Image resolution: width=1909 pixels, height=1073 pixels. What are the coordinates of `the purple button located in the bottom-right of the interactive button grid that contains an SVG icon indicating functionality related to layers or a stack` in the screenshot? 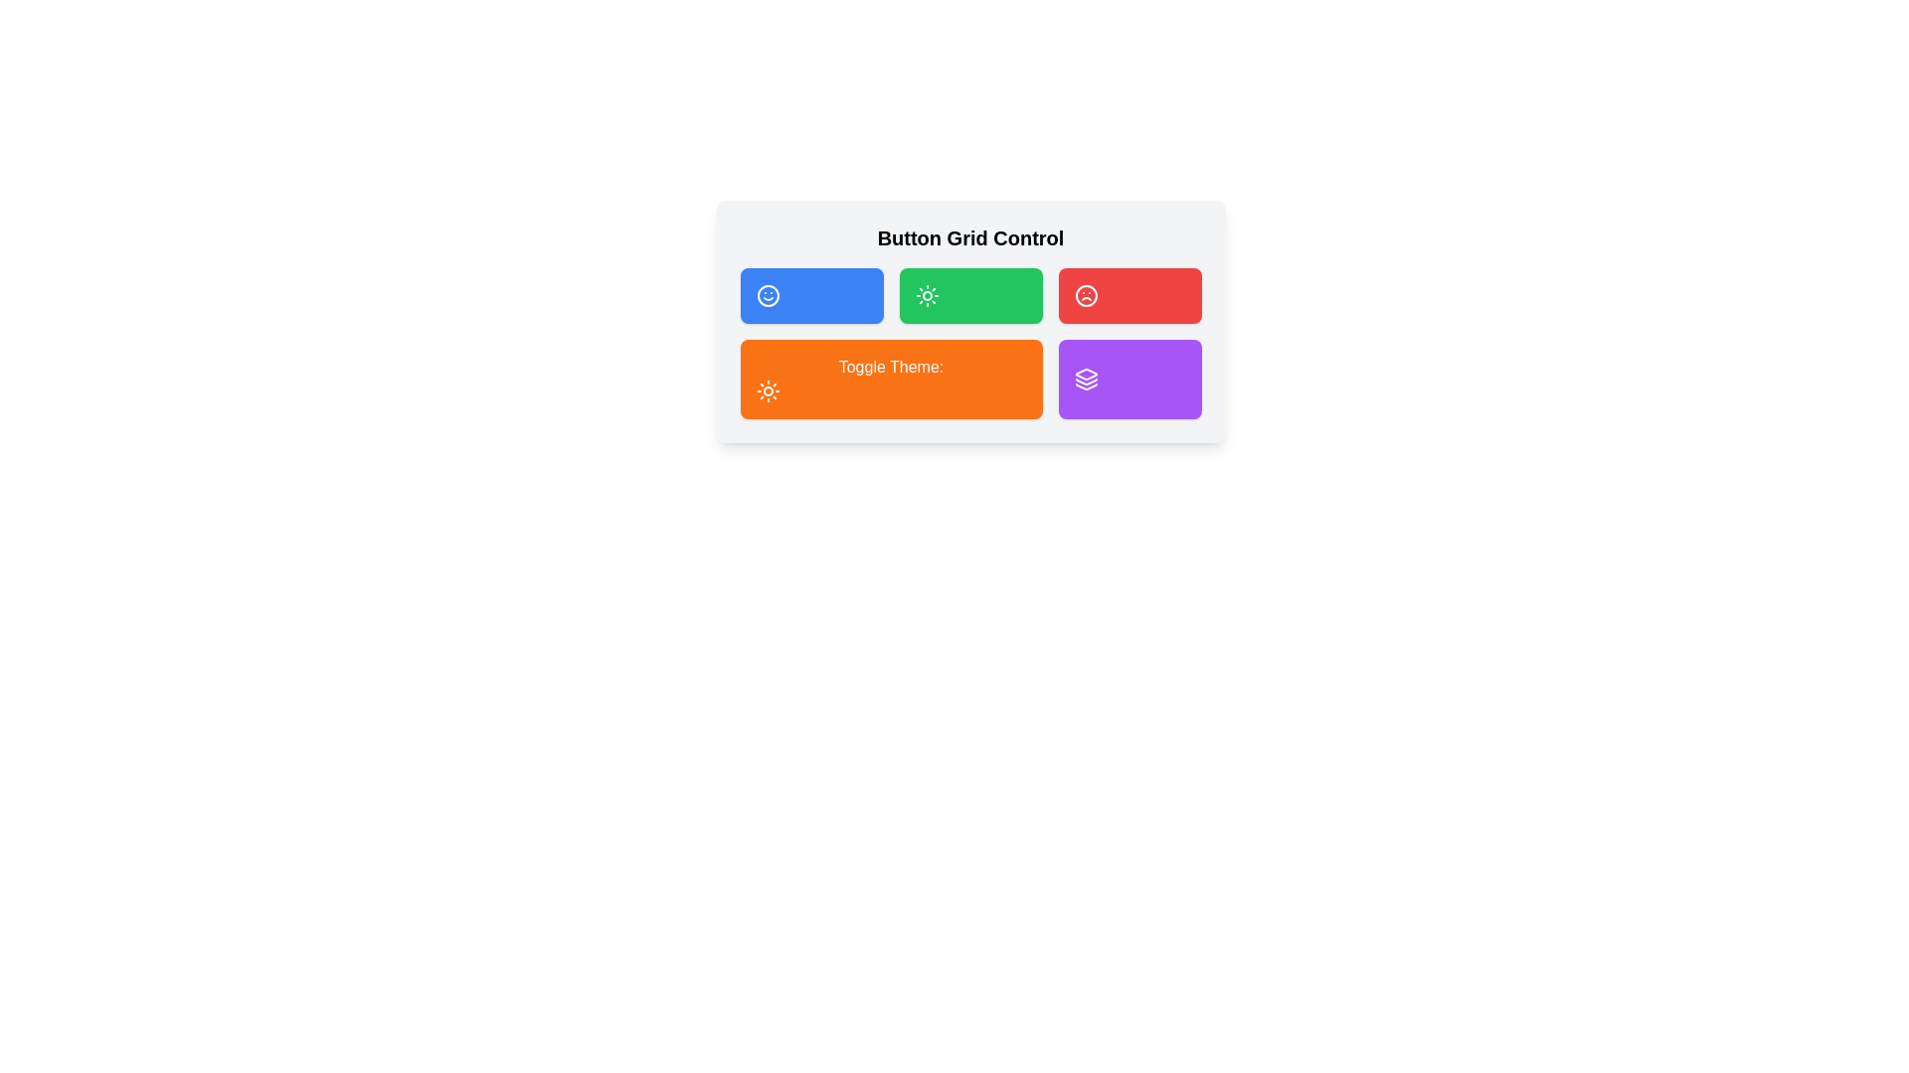 It's located at (1085, 379).